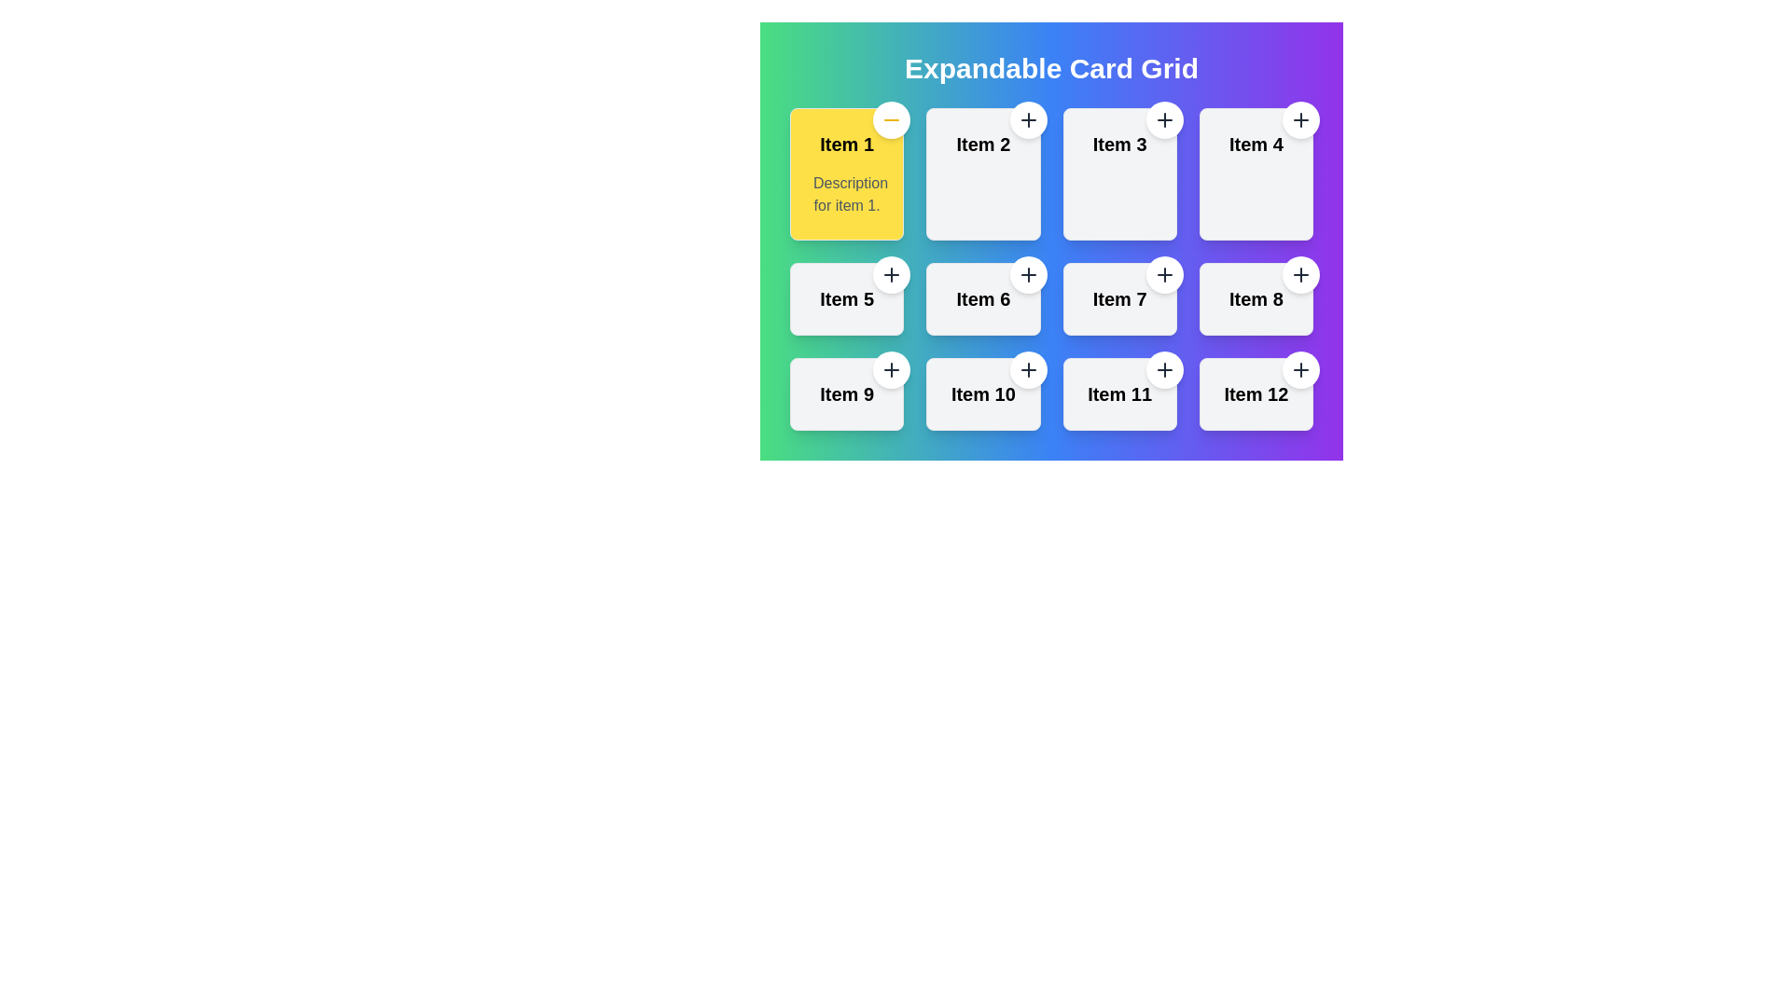 The image size is (1791, 1007). I want to click on the button in the top-right corner of the 'Item 1' card, which is within a rounded white circle, so click(891, 119).